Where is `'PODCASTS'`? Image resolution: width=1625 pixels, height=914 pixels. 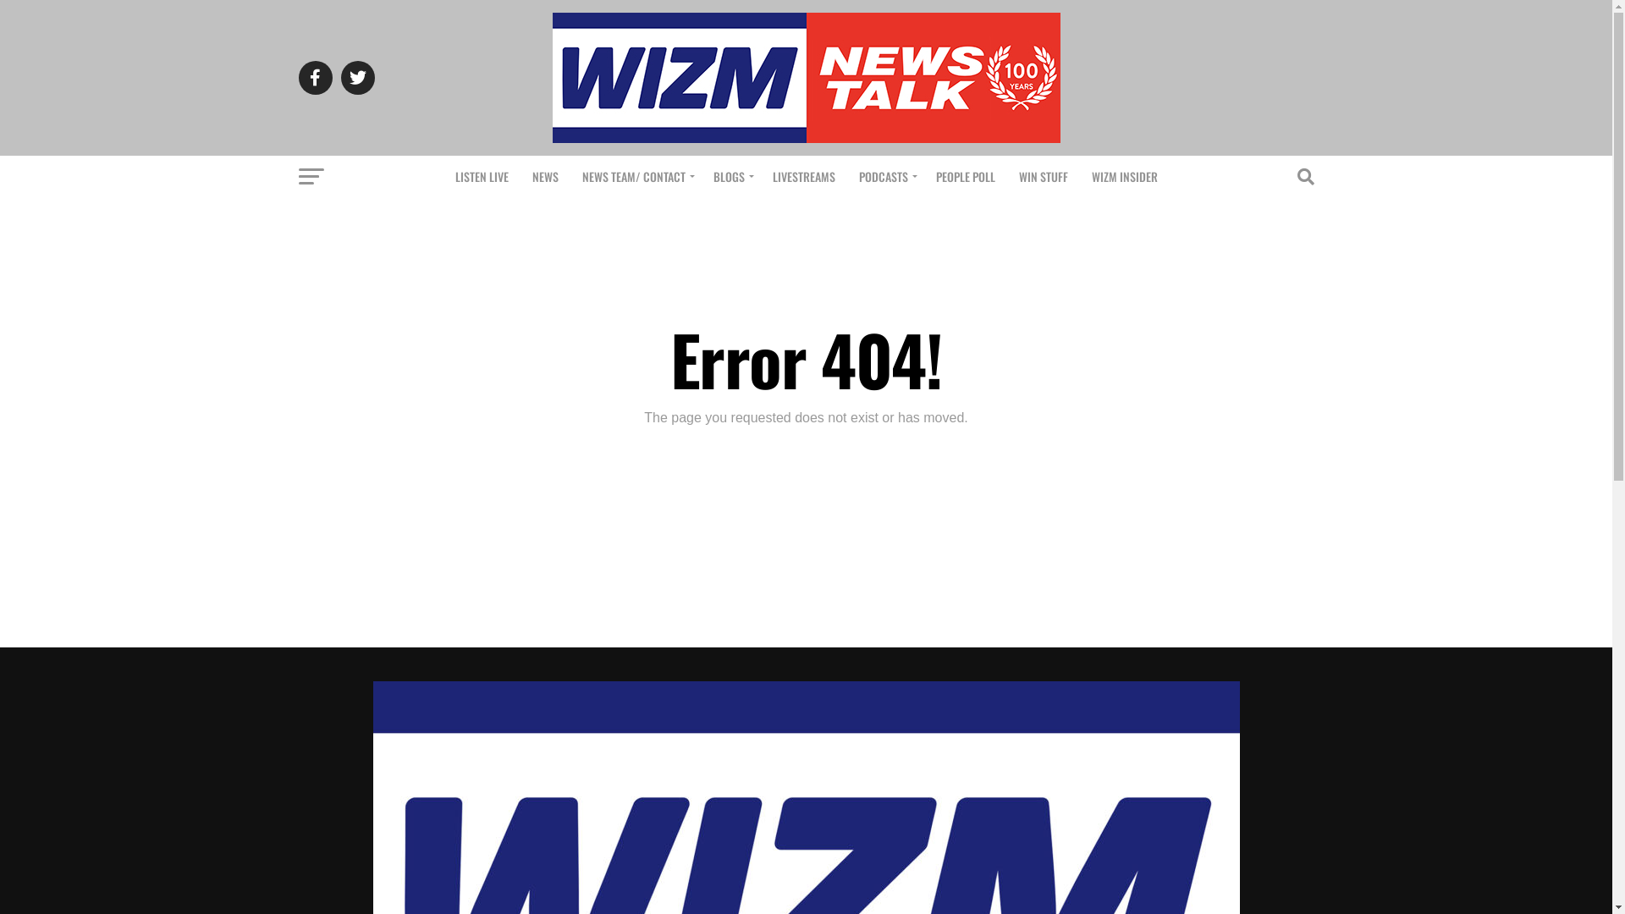
'PODCASTS' is located at coordinates (848, 176).